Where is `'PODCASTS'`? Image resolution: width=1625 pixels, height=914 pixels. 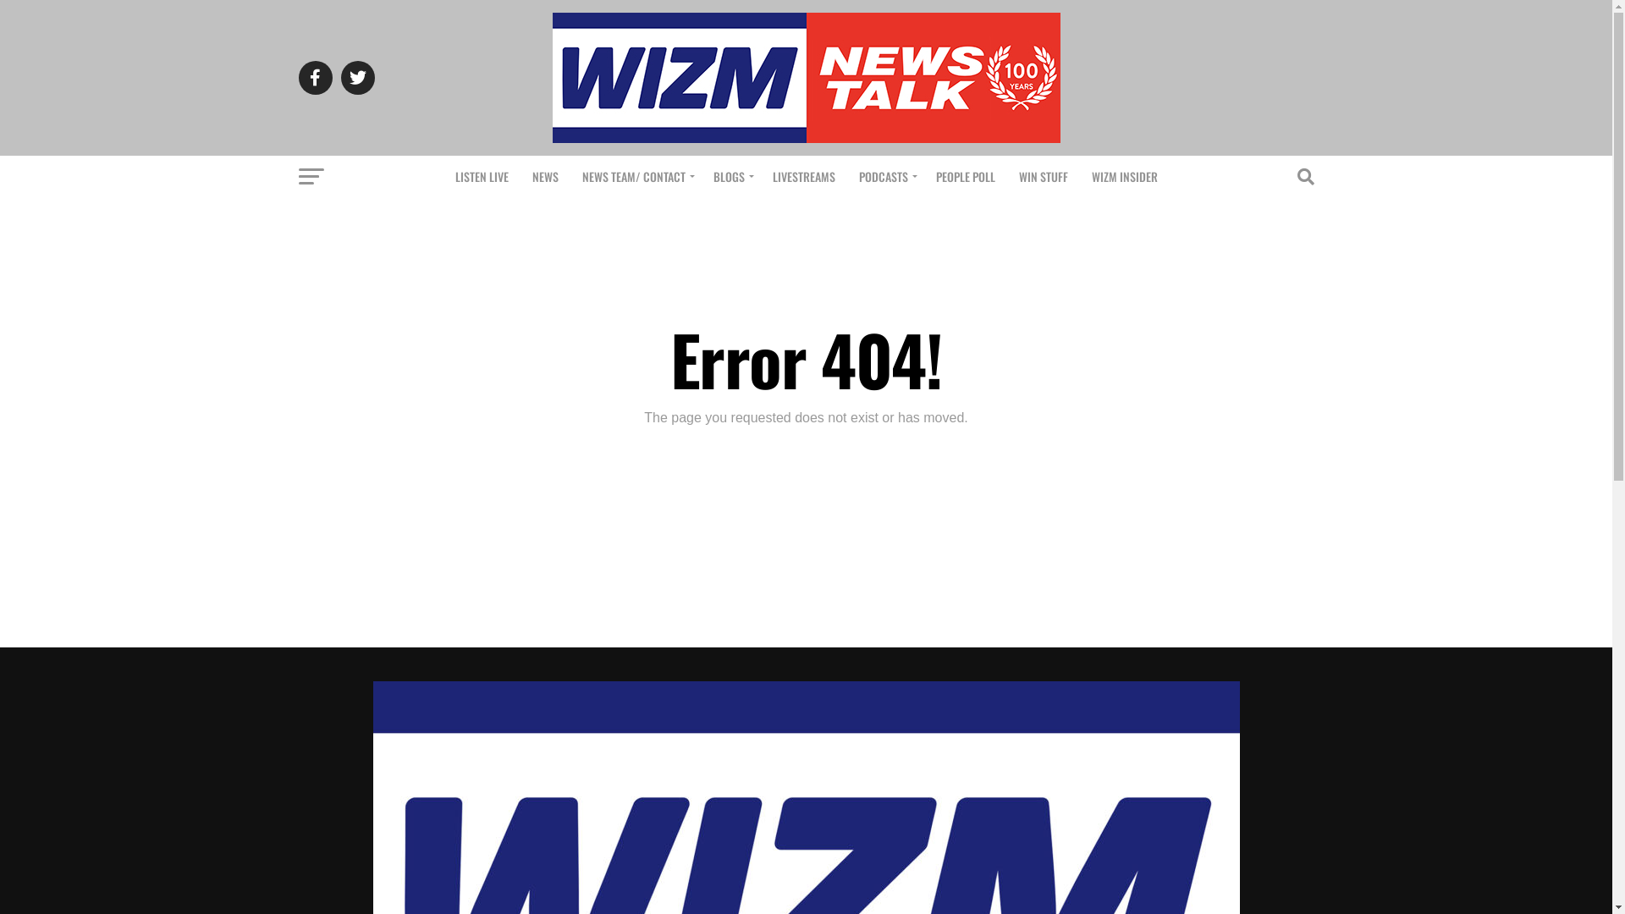
'PODCASTS' is located at coordinates (848, 176).